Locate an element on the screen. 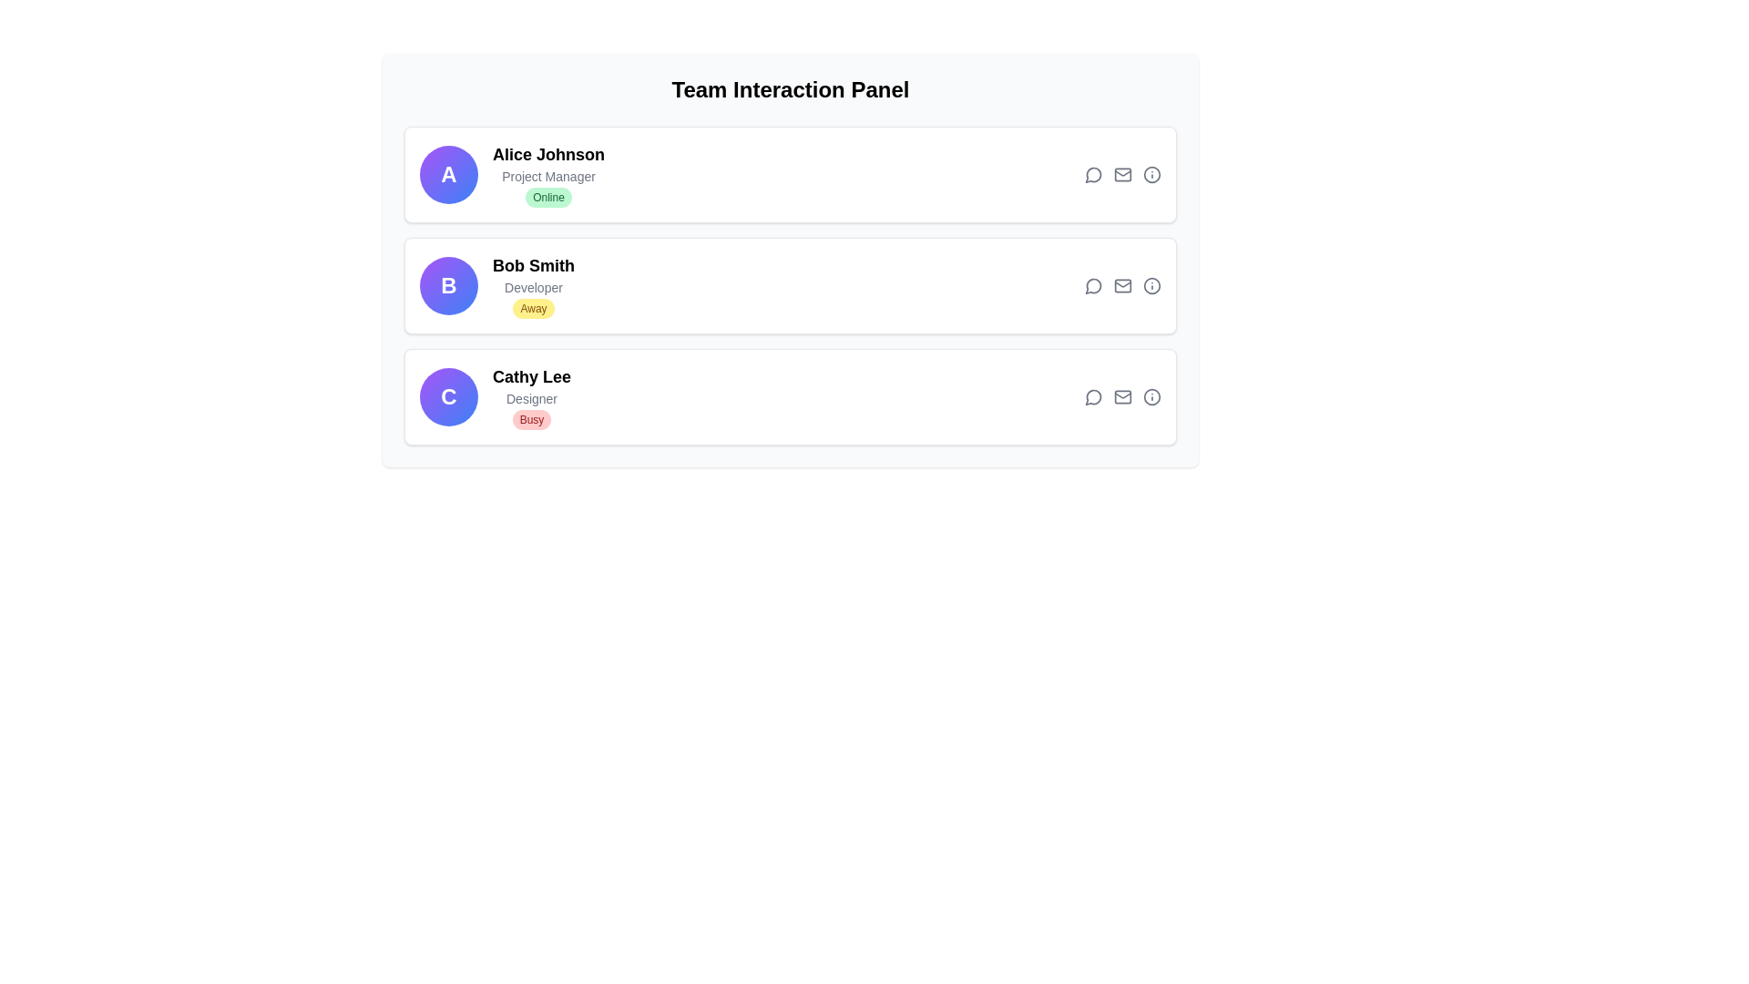 The height and width of the screenshot is (984, 1749). the third icon button with a circular border representing additional information for Cathy Lee's profile is located at coordinates (1151, 395).